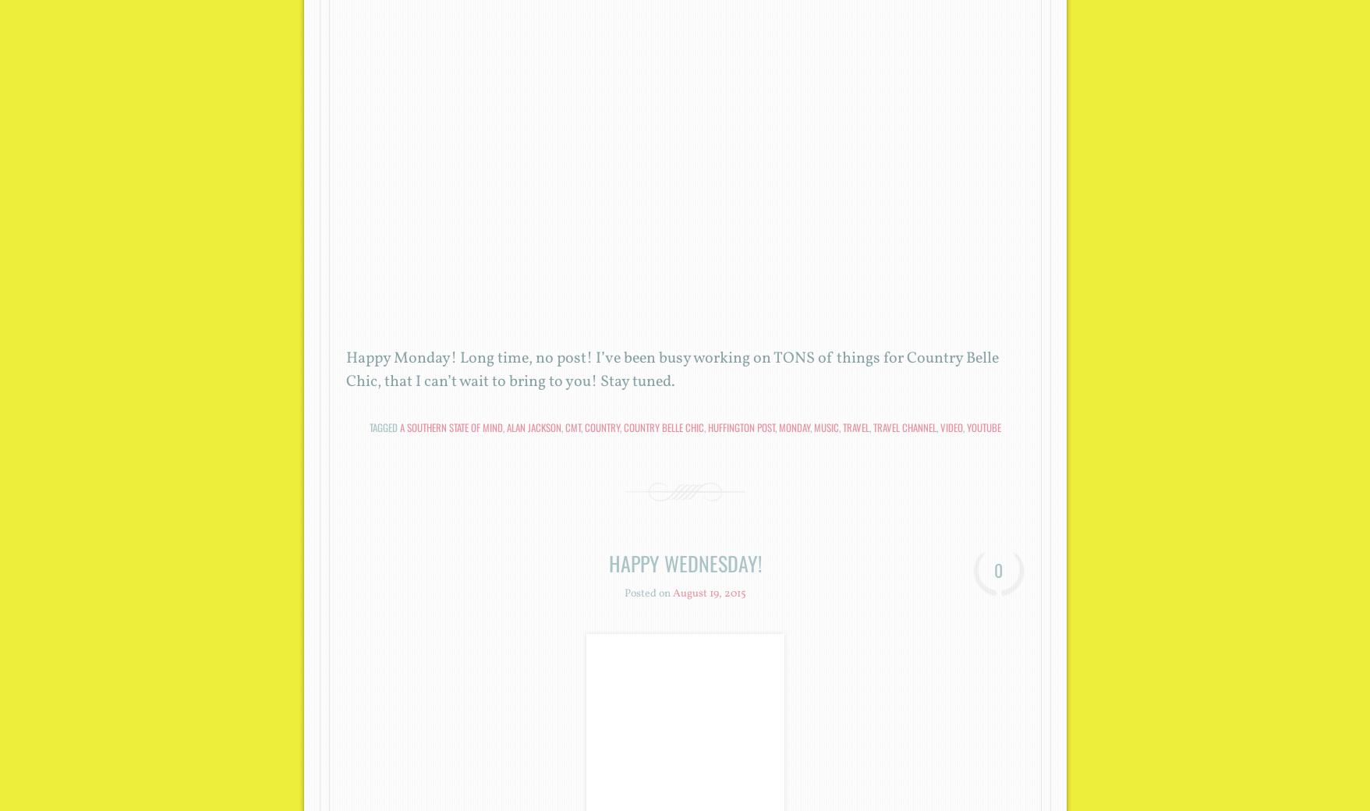  What do you see at coordinates (950, 426) in the screenshot?
I see `'Video'` at bounding box center [950, 426].